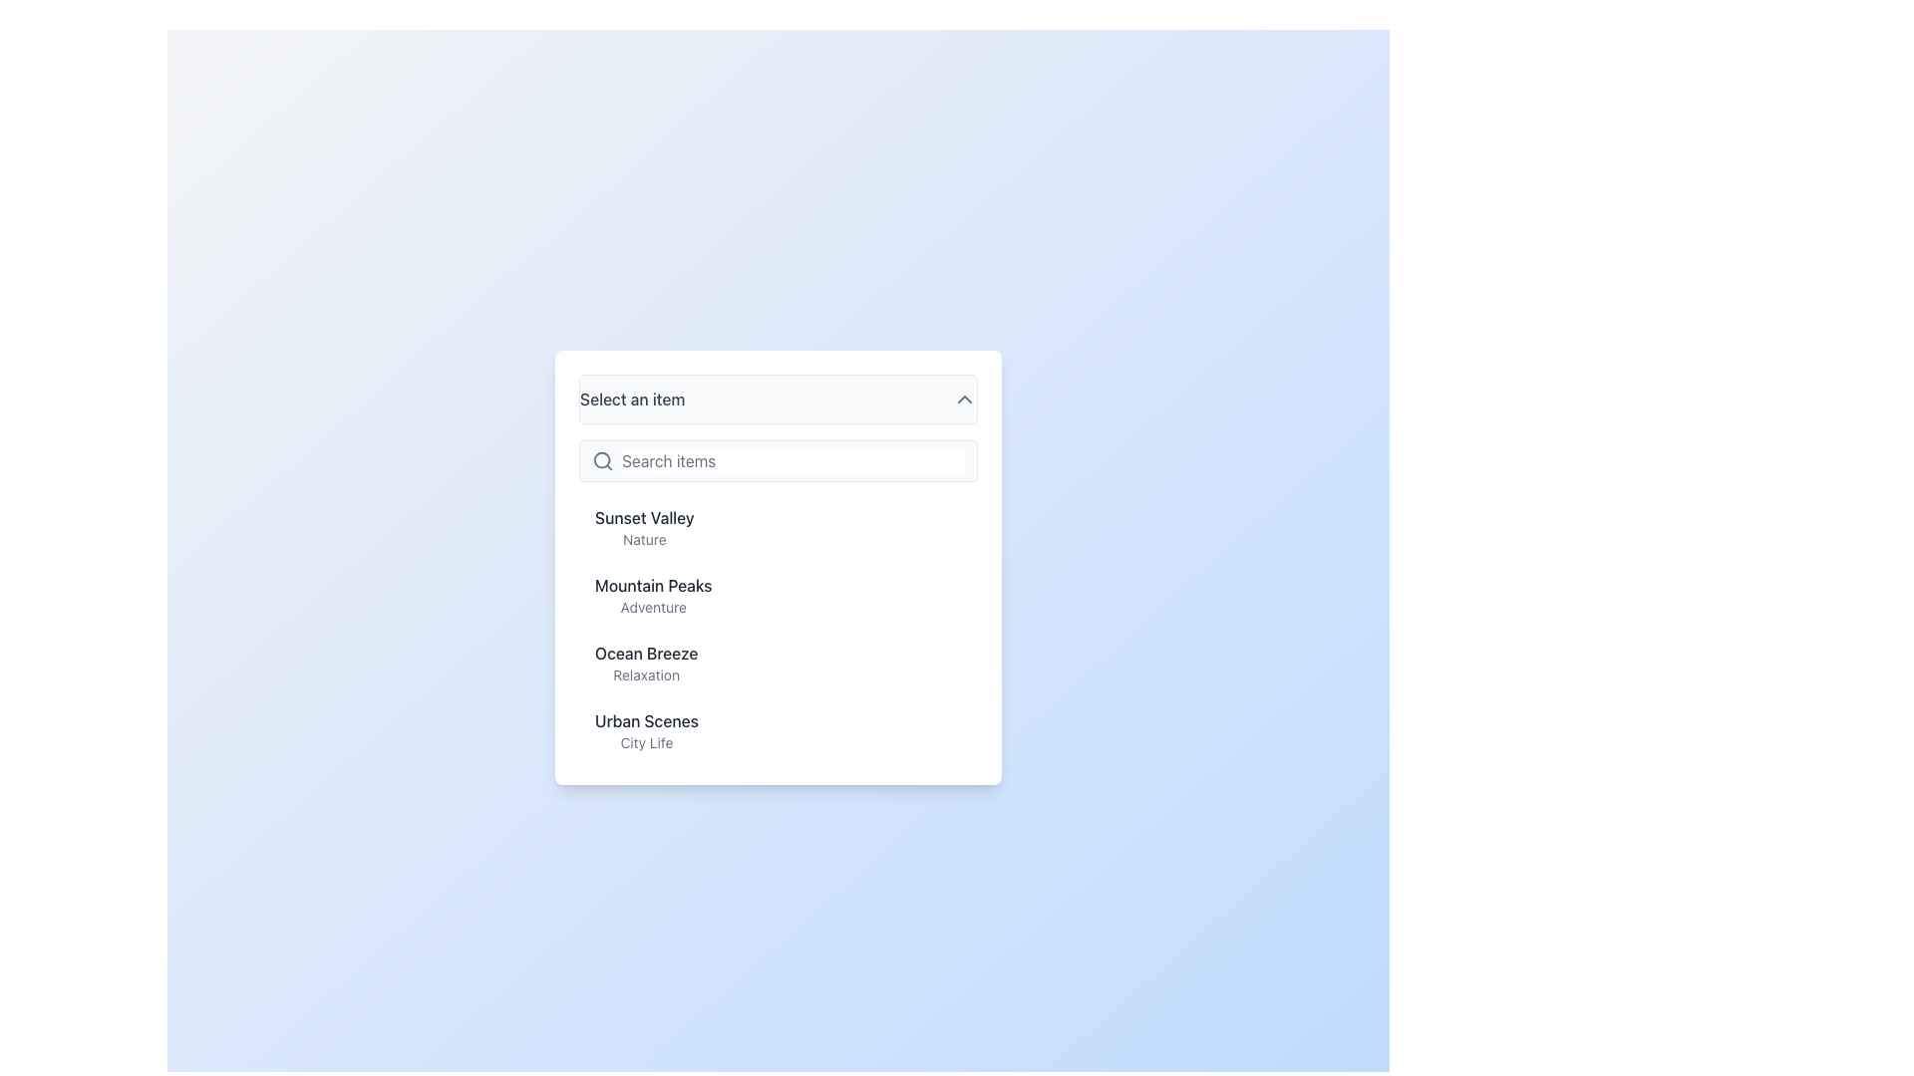 The height and width of the screenshot is (1076, 1914). What do you see at coordinates (653, 594) in the screenshot?
I see `the text block containing 'Mountain Peaks' and 'Adventure'` at bounding box center [653, 594].